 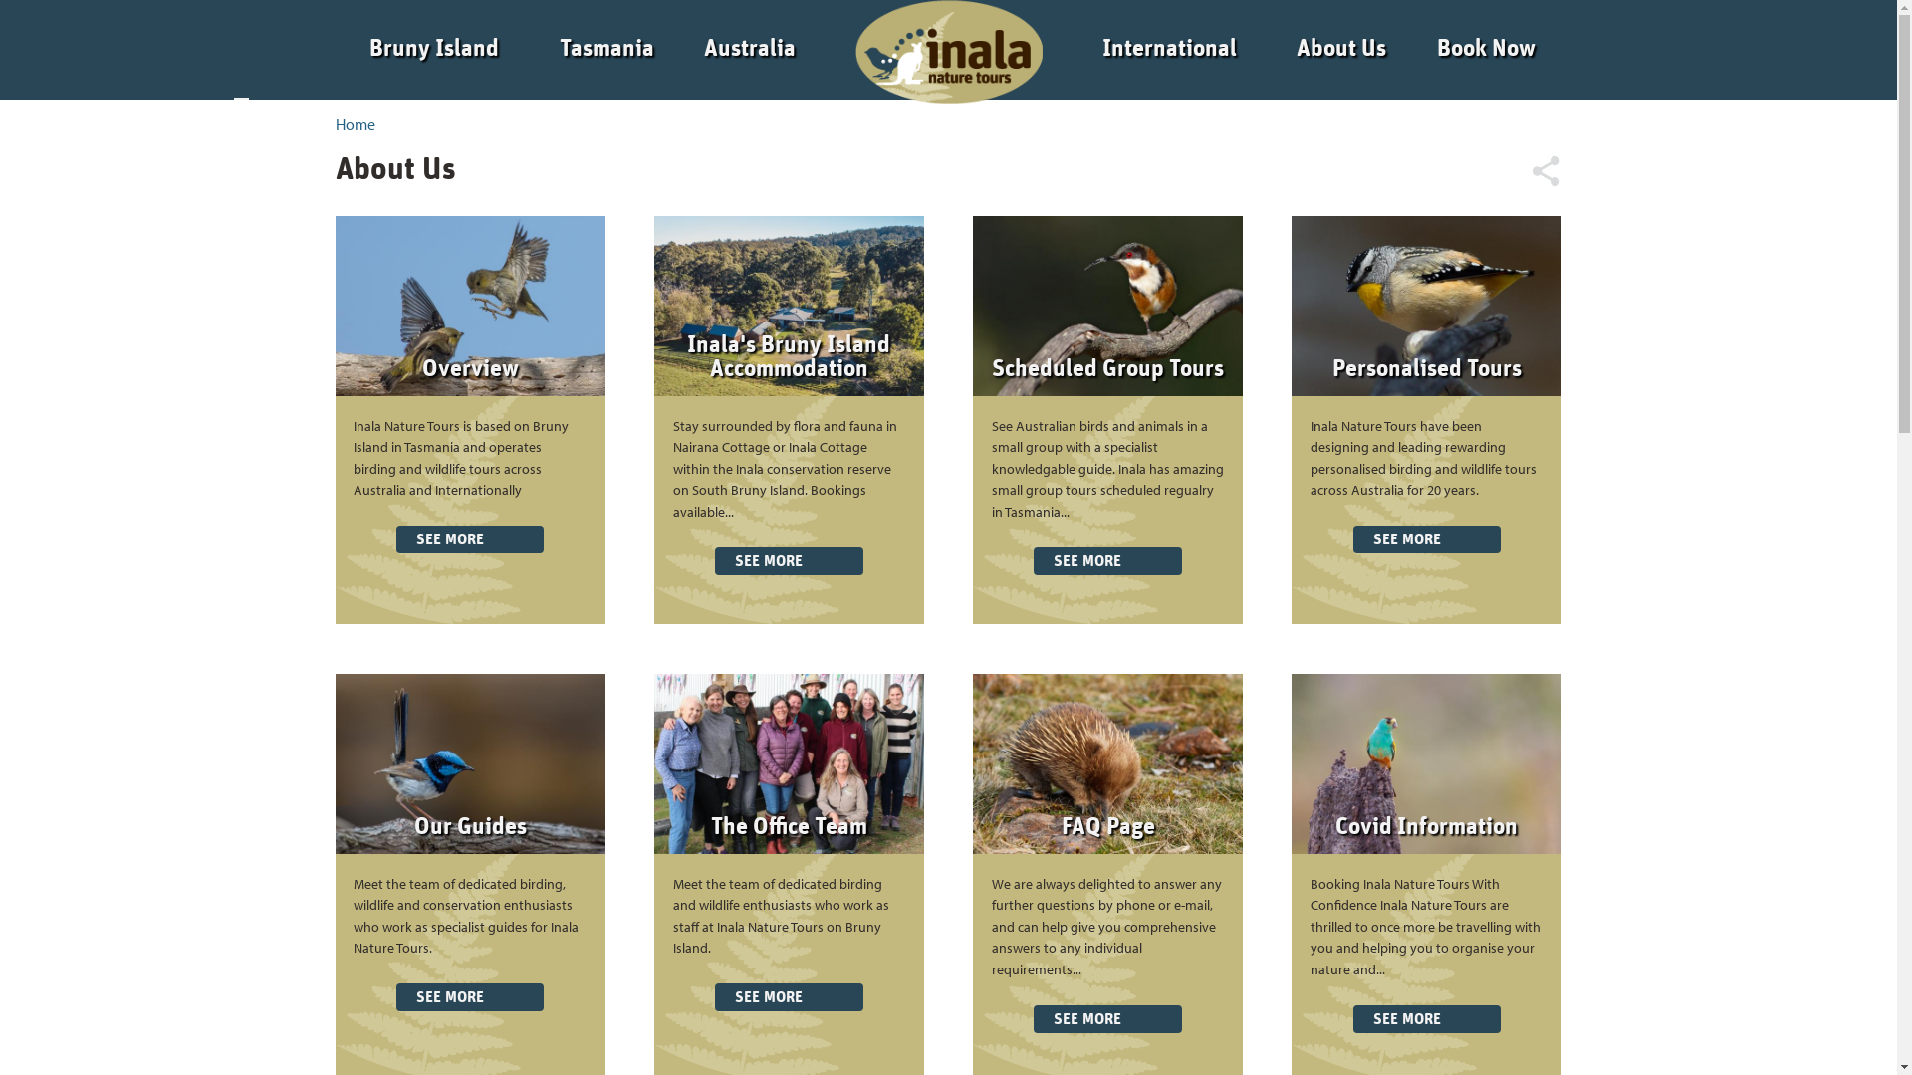 I want to click on 'Australia', so click(x=749, y=48).